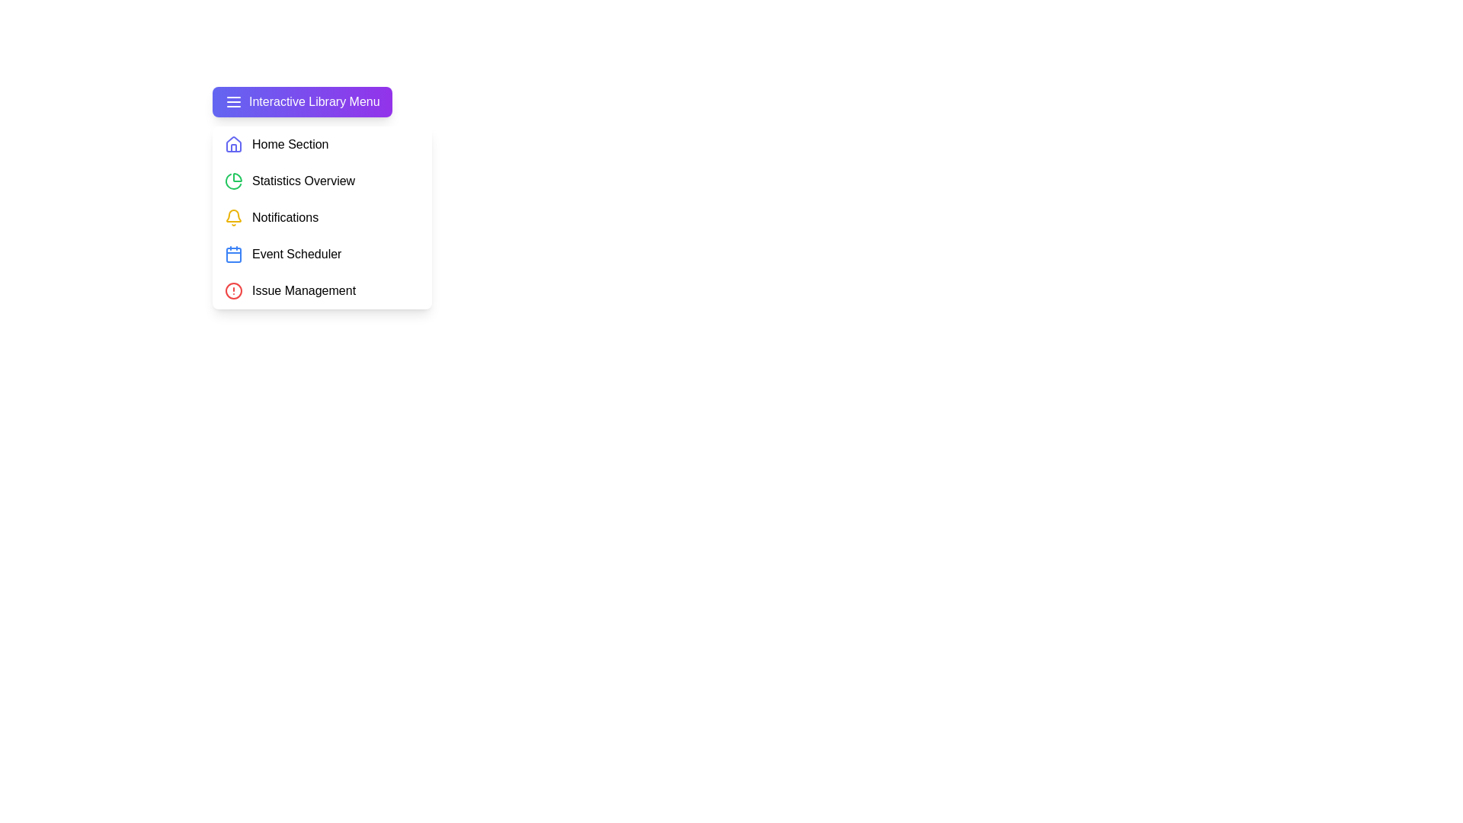 This screenshot has width=1463, height=823. I want to click on the menu item Issue Management, so click(321, 290).